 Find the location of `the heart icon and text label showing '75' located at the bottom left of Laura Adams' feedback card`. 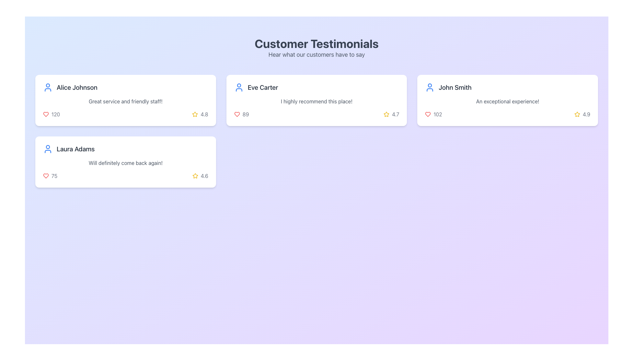

the heart icon and text label showing '75' located at the bottom left of Laura Adams' feedback card is located at coordinates (50, 176).